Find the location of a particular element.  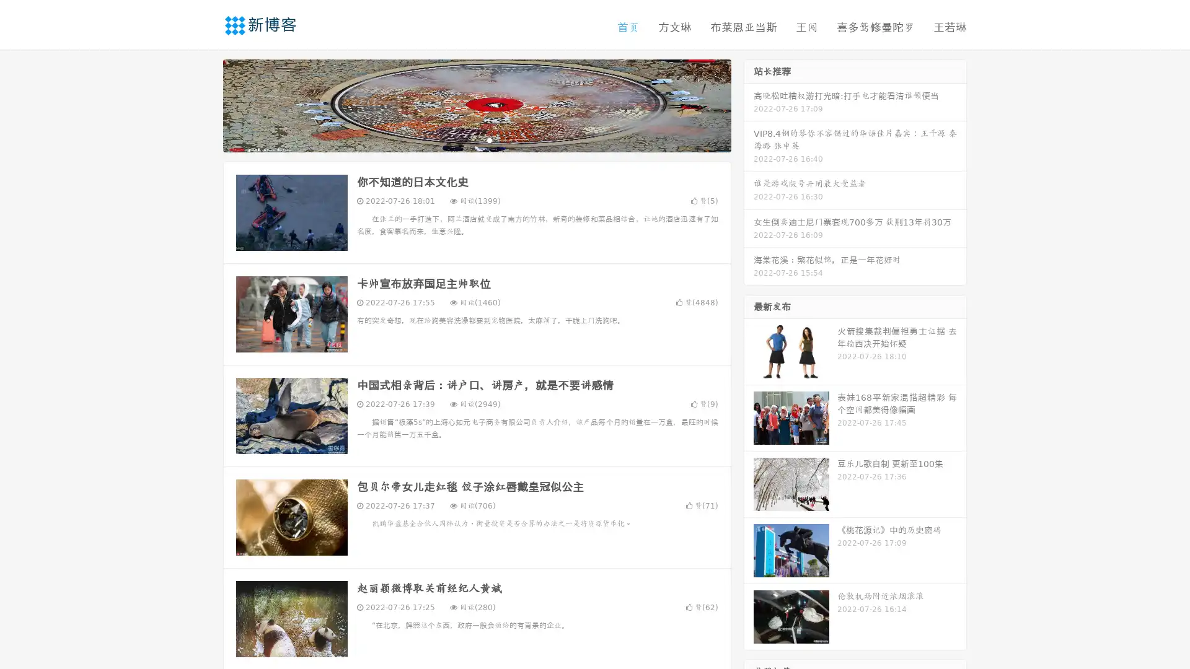

Previous slide is located at coordinates (205, 104).